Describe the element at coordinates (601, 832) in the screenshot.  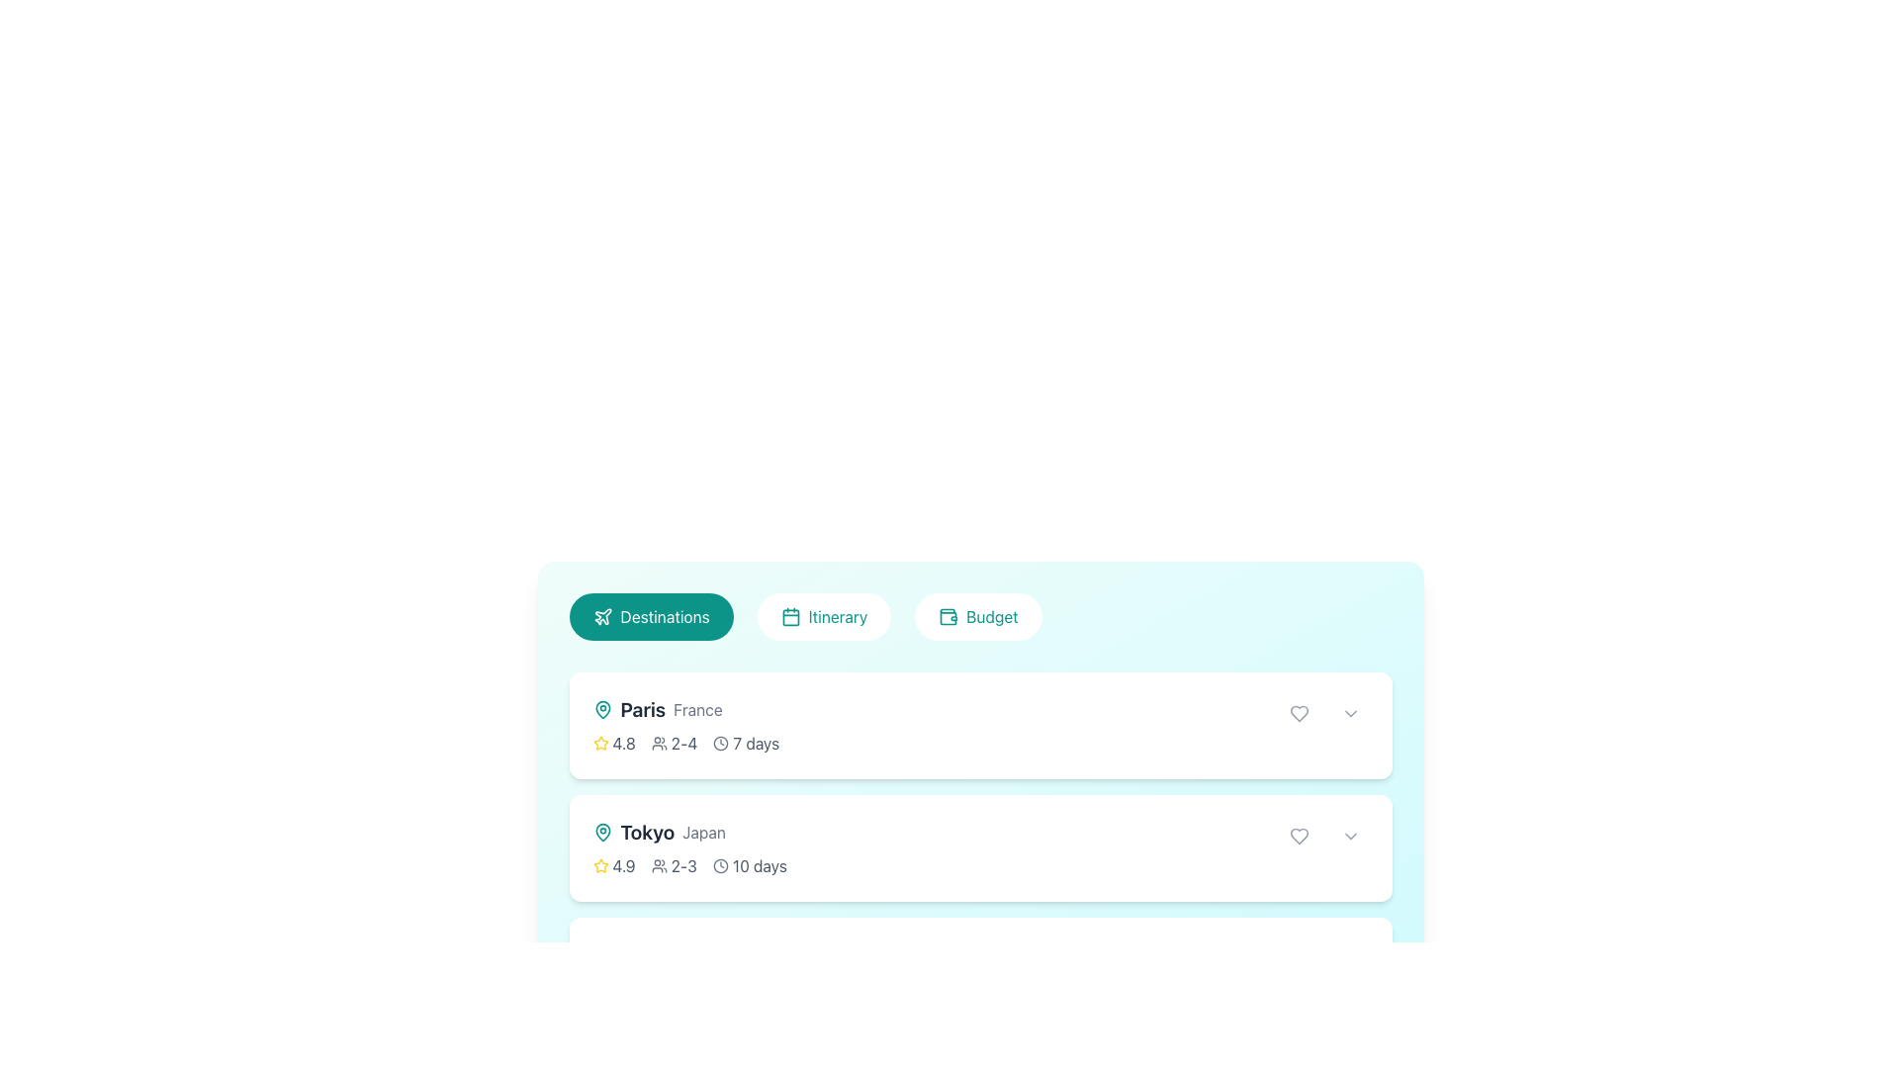
I see `the location marker icon in the Destinations section, which is positioned to the left of the 'Tokyo' label and above 'Japan'` at that location.